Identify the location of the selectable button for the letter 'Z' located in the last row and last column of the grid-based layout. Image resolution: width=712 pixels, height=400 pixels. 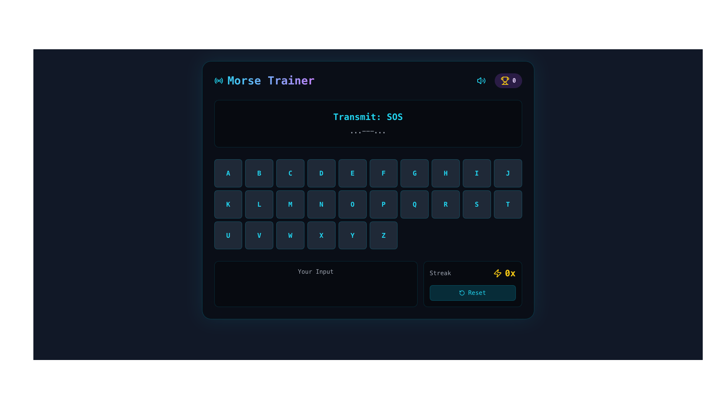
(383, 235).